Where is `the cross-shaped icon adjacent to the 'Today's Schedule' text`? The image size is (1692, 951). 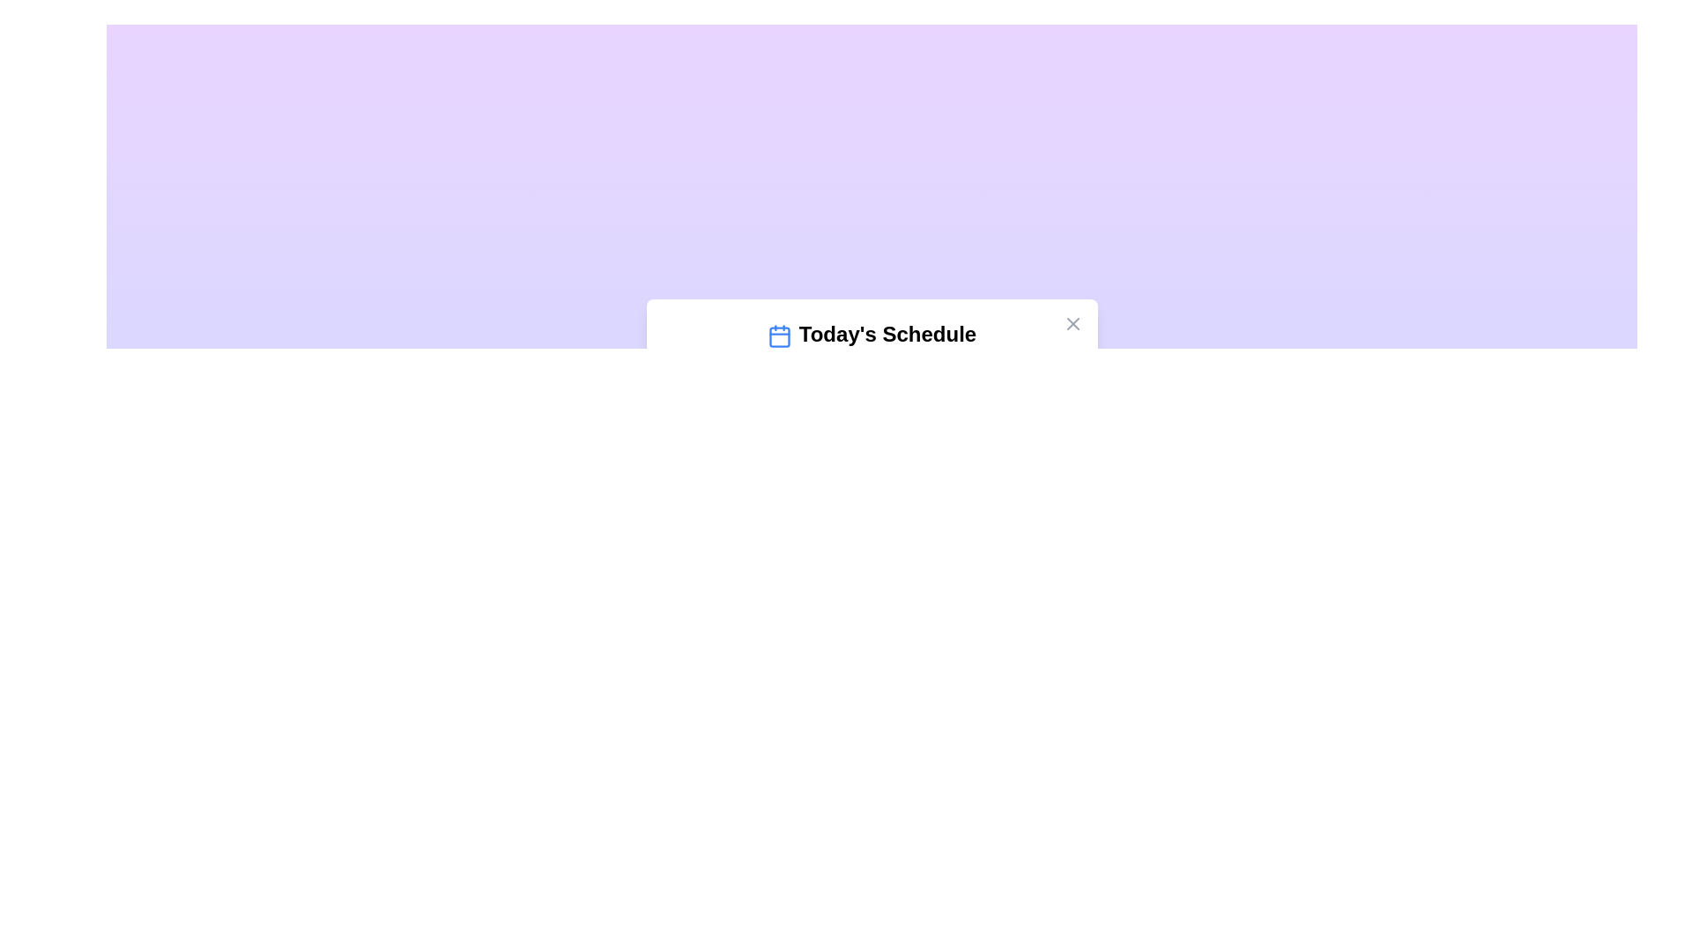
the cross-shaped icon adjacent to the 'Today's Schedule' text is located at coordinates (1072, 323).